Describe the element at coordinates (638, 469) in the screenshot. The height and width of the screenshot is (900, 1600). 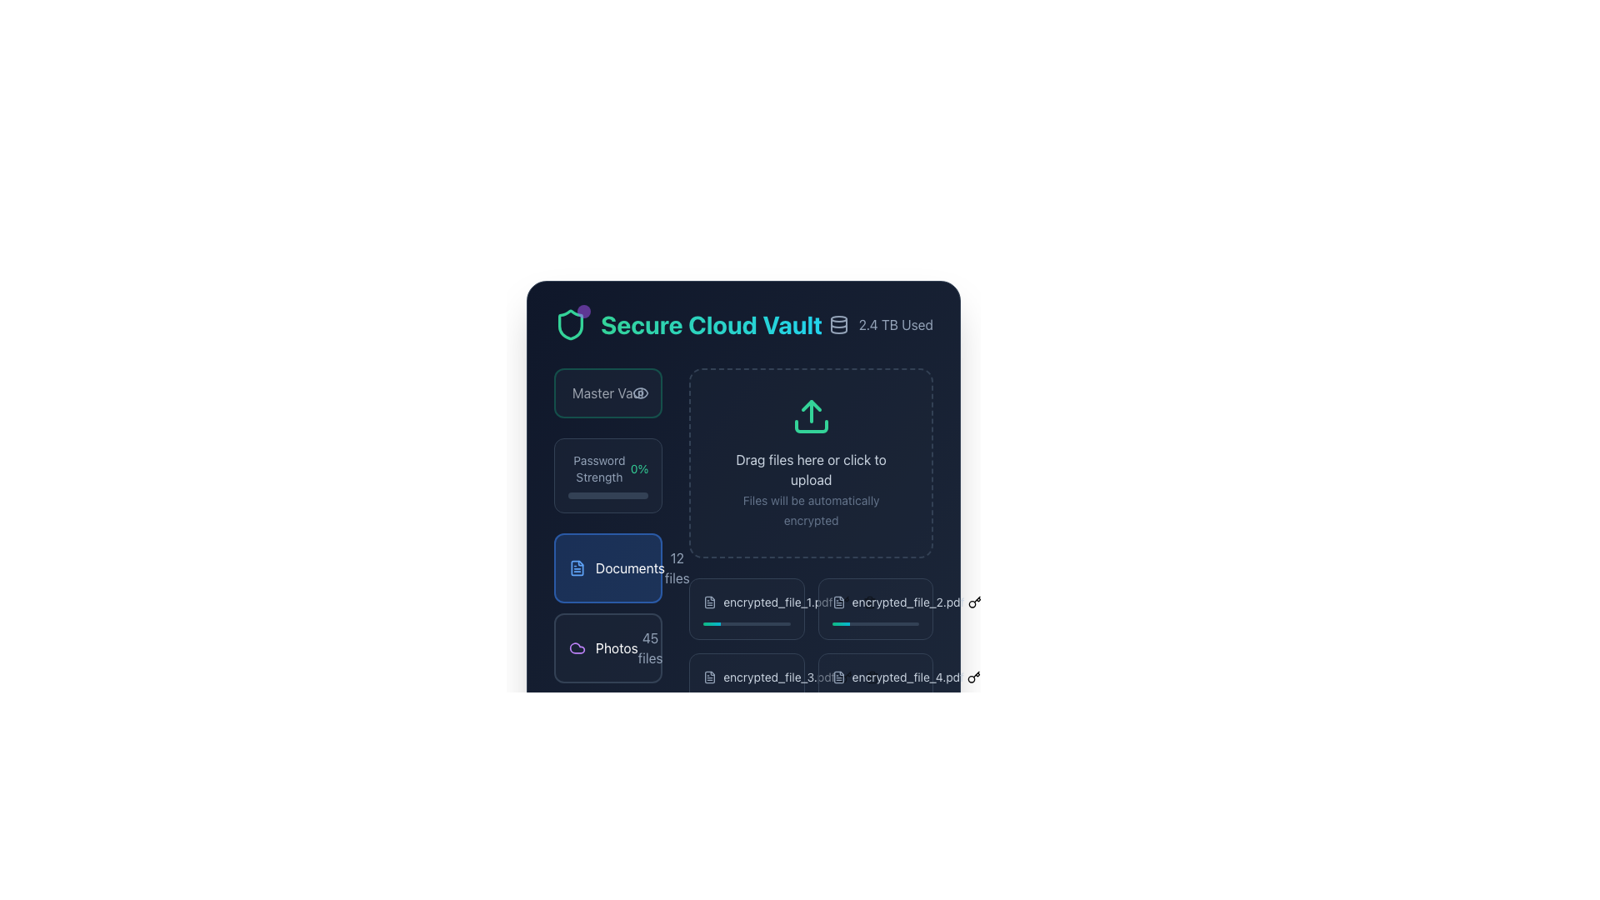
I see `the Text label displaying '0%' in bright emerald green color, located to the right of 'Password Strength'` at that location.